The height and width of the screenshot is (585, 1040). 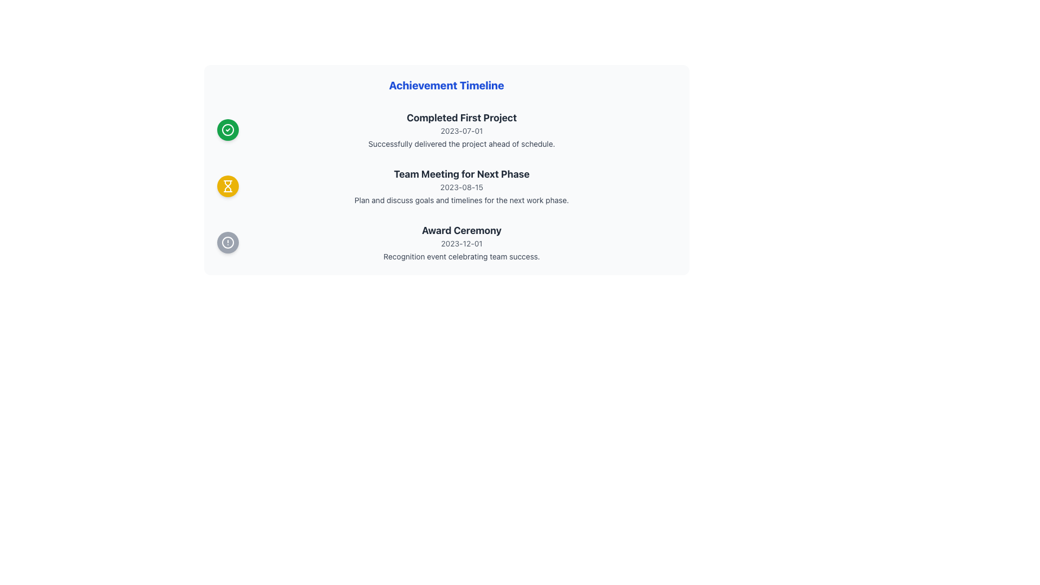 I want to click on the circular checkmark icon with a green background, which is the first in a vertical sequence of three icons, located next to the text 'Completed First Project', so click(x=227, y=129).